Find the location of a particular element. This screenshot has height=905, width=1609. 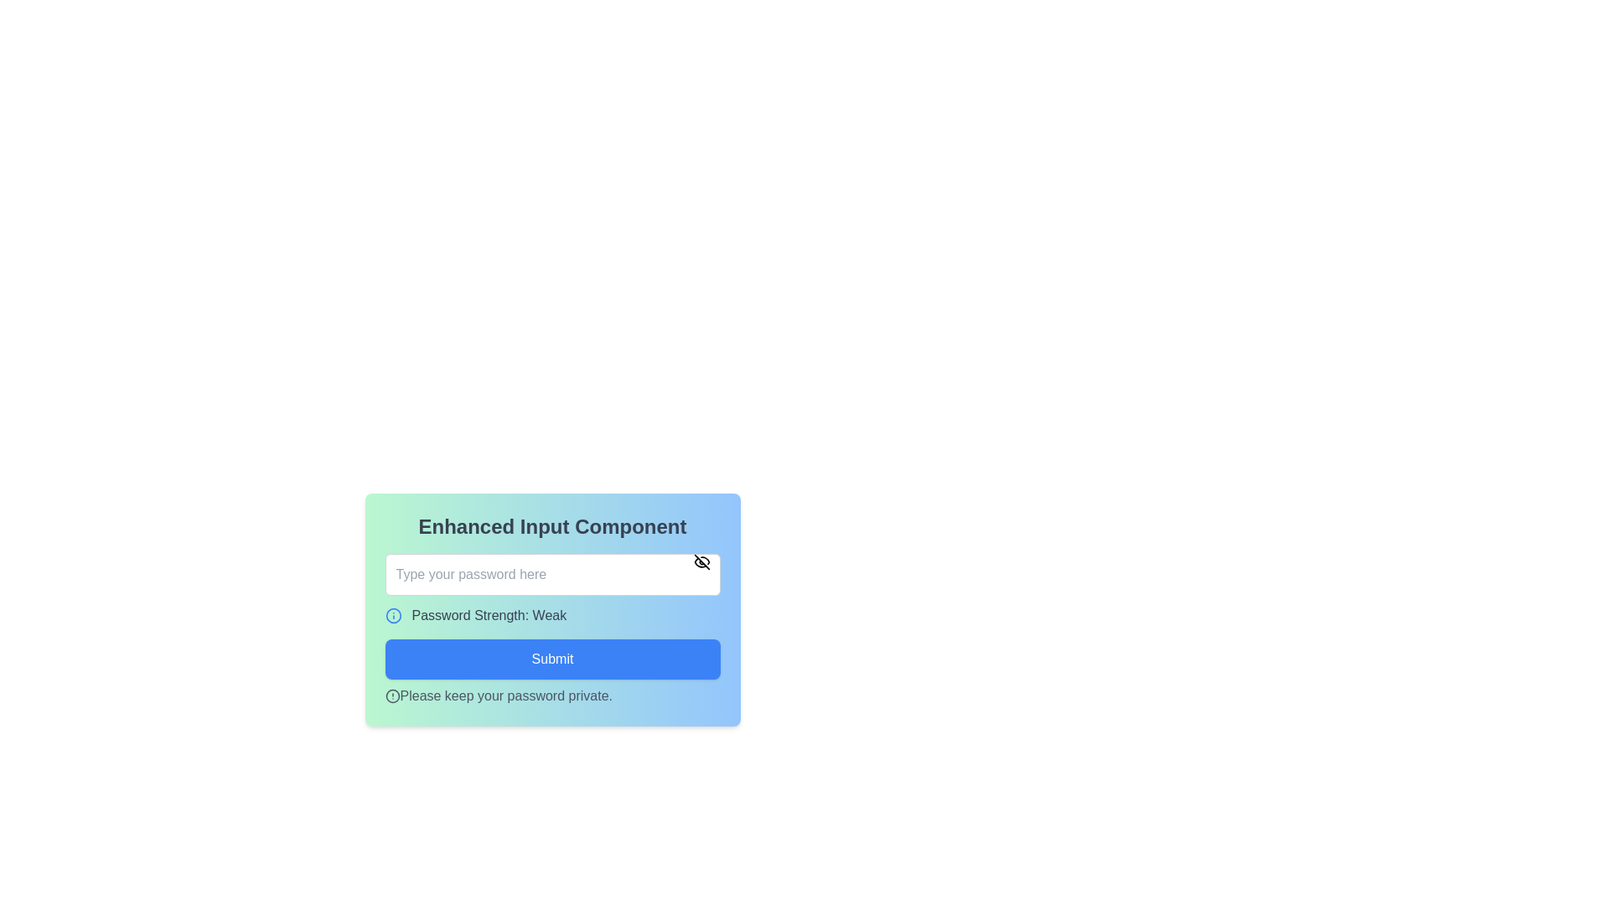

the password input field located below the title 'Enhanced Input Component' to focus and prepare for typing a password is located at coordinates (552, 574).